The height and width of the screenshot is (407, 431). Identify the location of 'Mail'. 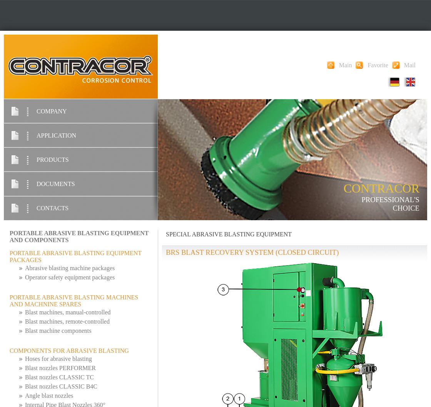
(409, 64).